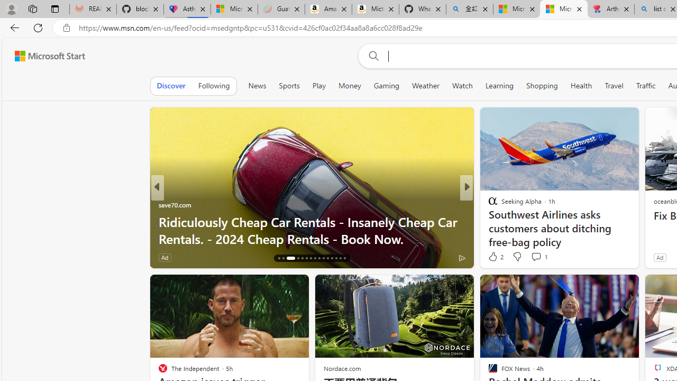  Describe the element at coordinates (323, 258) in the screenshot. I see `'AutomationID: tab-25'` at that location.